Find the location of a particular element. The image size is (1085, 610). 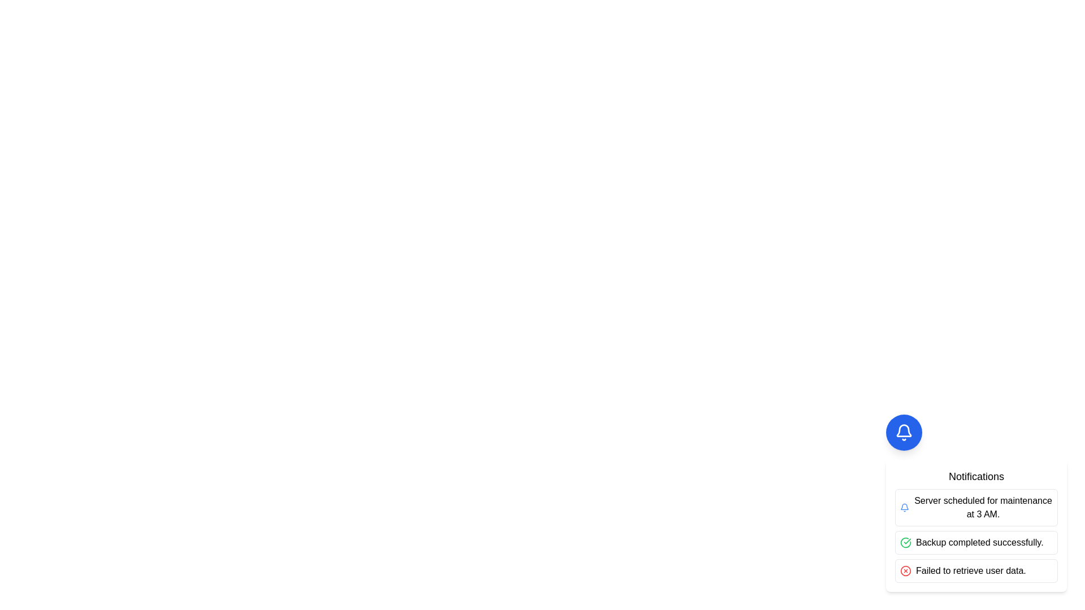

the Notification card indicating an issue with user data retrieval, which is the third item in the vertical list of notifications is located at coordinates (976, 570).